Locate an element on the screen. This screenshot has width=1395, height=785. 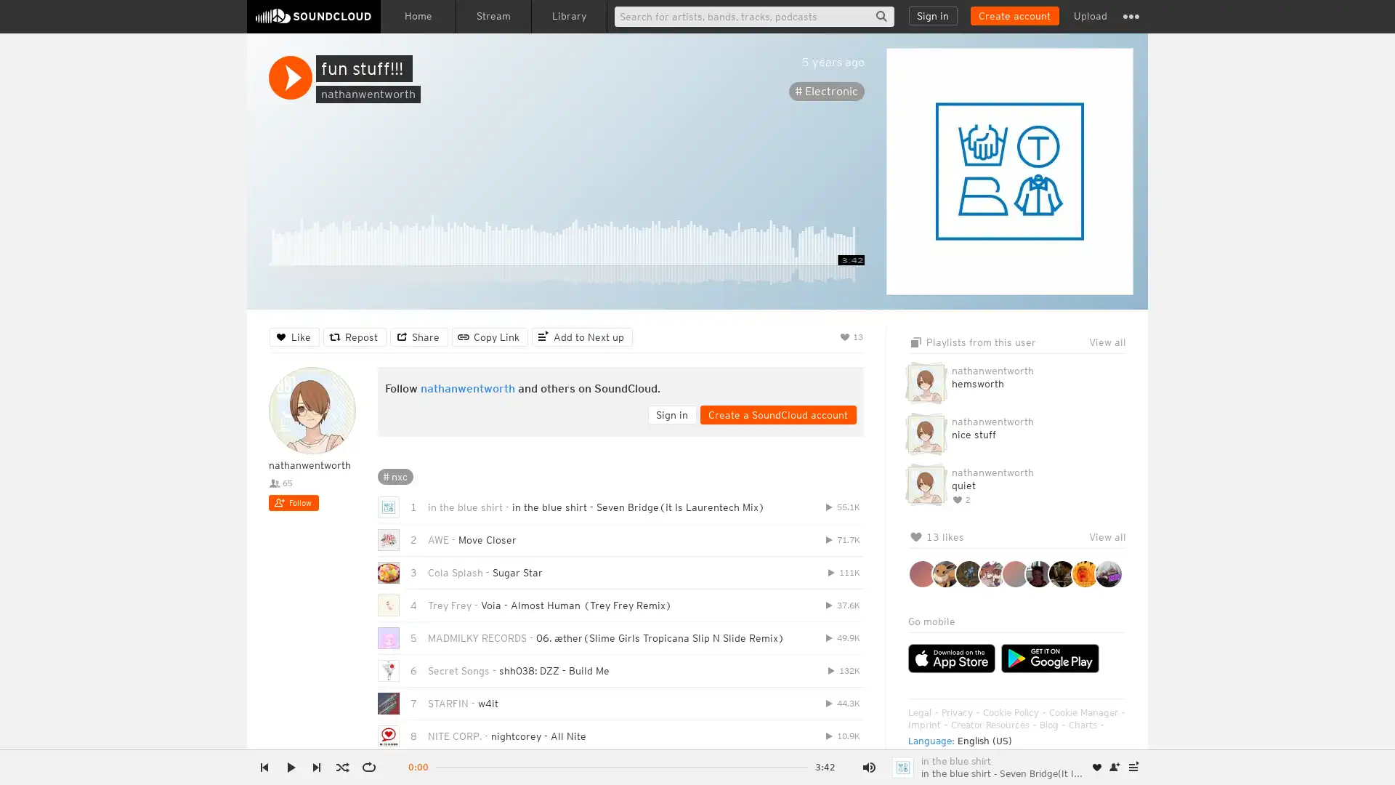
Create a SoundCloud account is located at coordinates (777, 414).